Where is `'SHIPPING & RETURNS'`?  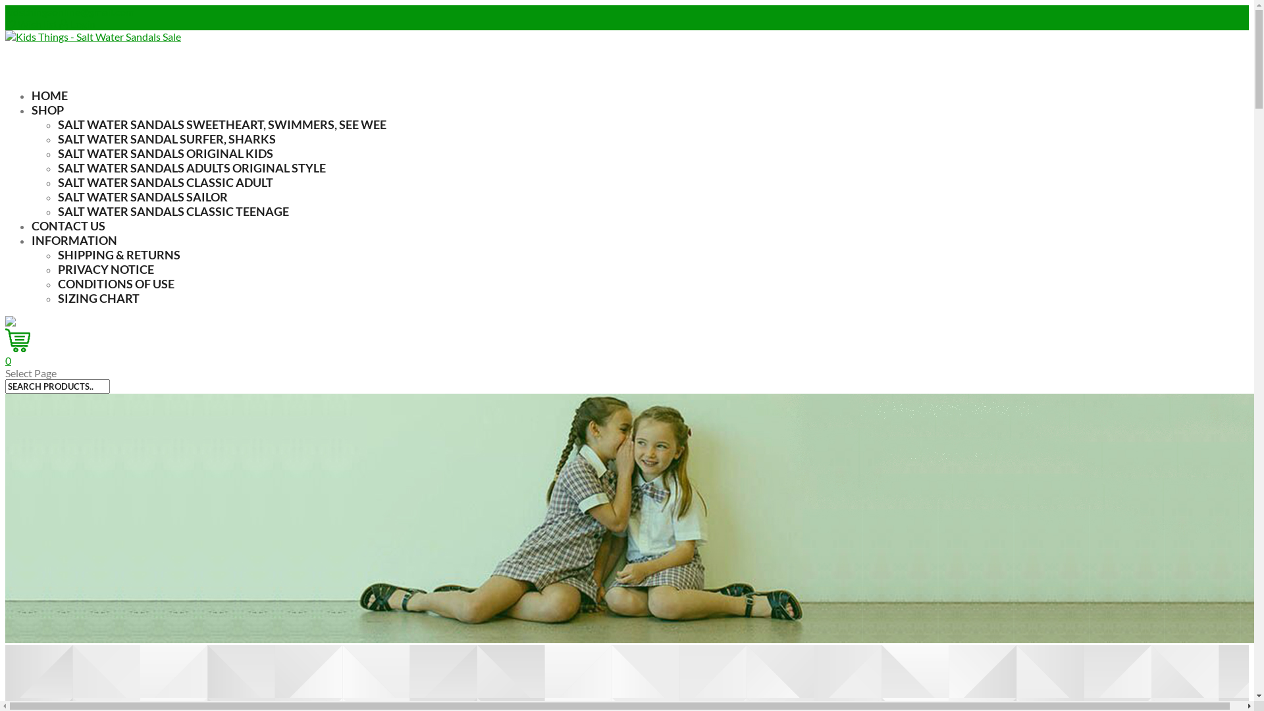 'SHIPPING & RETURNS' is located at coordinates (57, 254).